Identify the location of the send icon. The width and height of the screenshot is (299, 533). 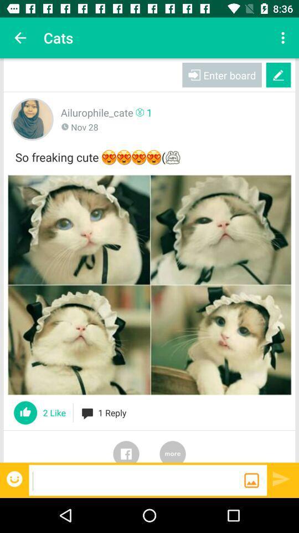
(281, 478).